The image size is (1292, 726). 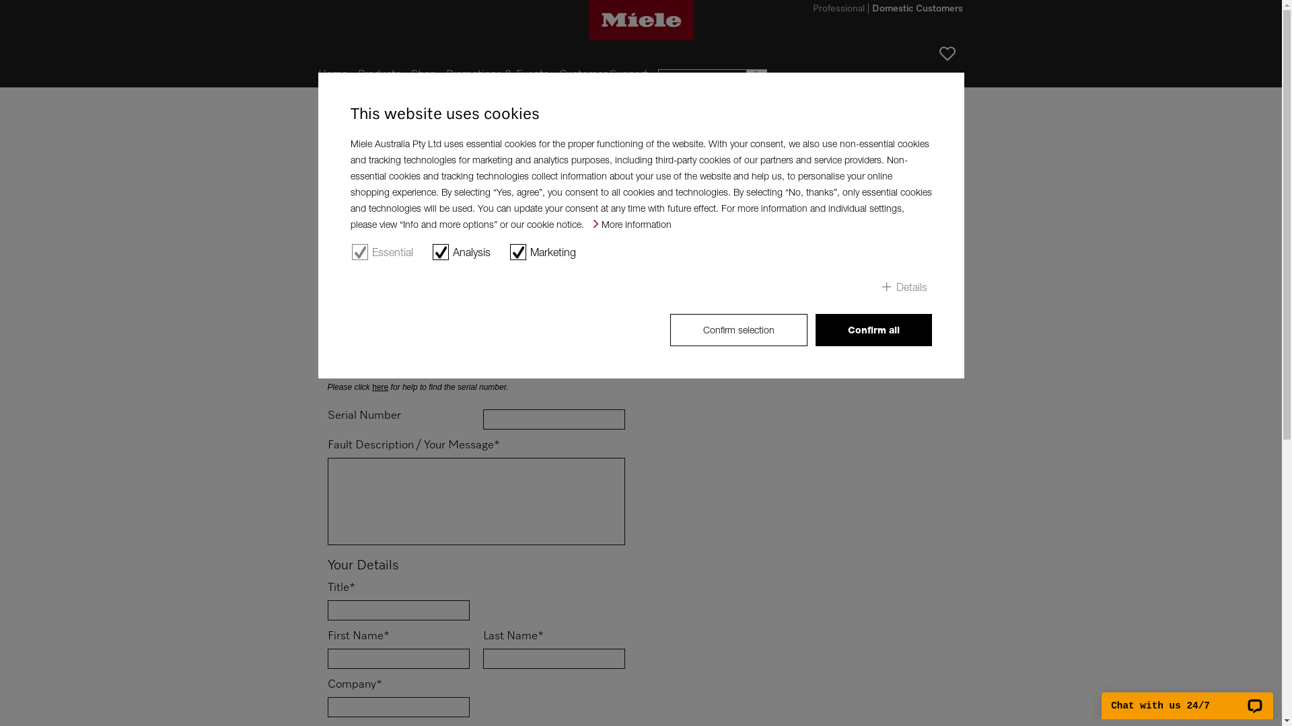 What do you see at coordinates (380, 387) in the screenshot?
I see `'here'` at bounding box center [380, 387].